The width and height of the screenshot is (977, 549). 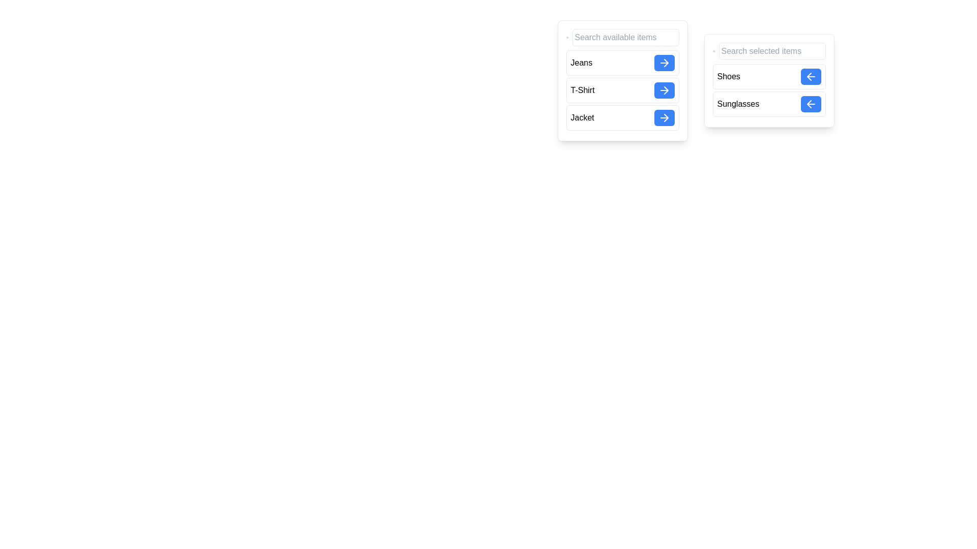 What do you see at coordinates (664, 63) in the screenshot?
I see `the blue rectangular button with rounded corners and a right-pointing white arrow icon, located in the list entry labeled 'Jeans'` at bounding box center [664, 63].